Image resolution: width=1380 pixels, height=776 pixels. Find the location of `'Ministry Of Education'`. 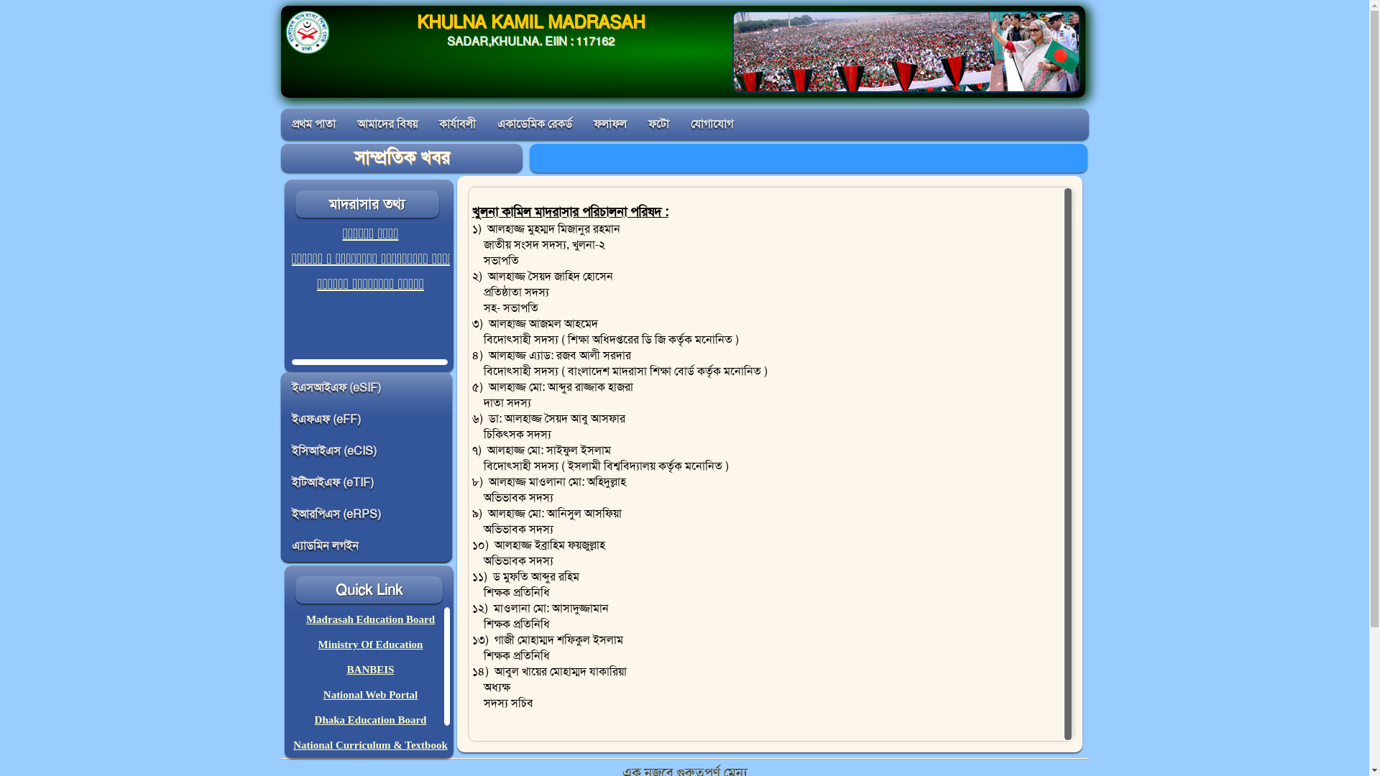

'Ministry Of Education' is located at coordinates (317, 644).